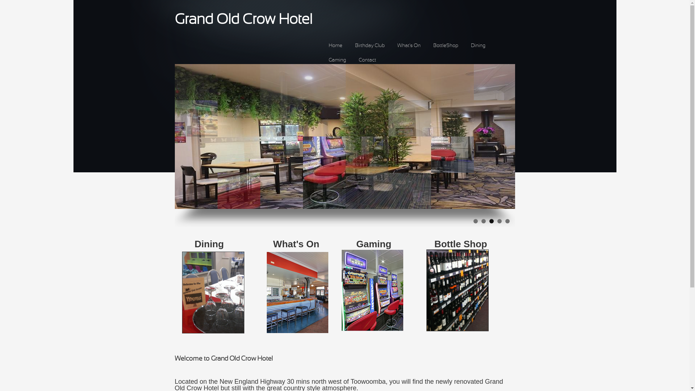  Describe the element at coordinates (476, 220) in the screenshot. I see `'1'` at that location.